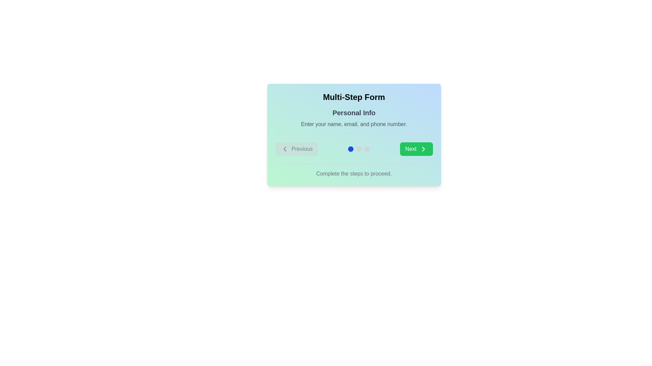 The height and width of the screenshot is (366, 652). What do you see at coordinates (359, 148) in the screenshot?
I see `the second circular step indicator in the footer area of the multi-step form to indicate progression` at bounding box center [359, 148].